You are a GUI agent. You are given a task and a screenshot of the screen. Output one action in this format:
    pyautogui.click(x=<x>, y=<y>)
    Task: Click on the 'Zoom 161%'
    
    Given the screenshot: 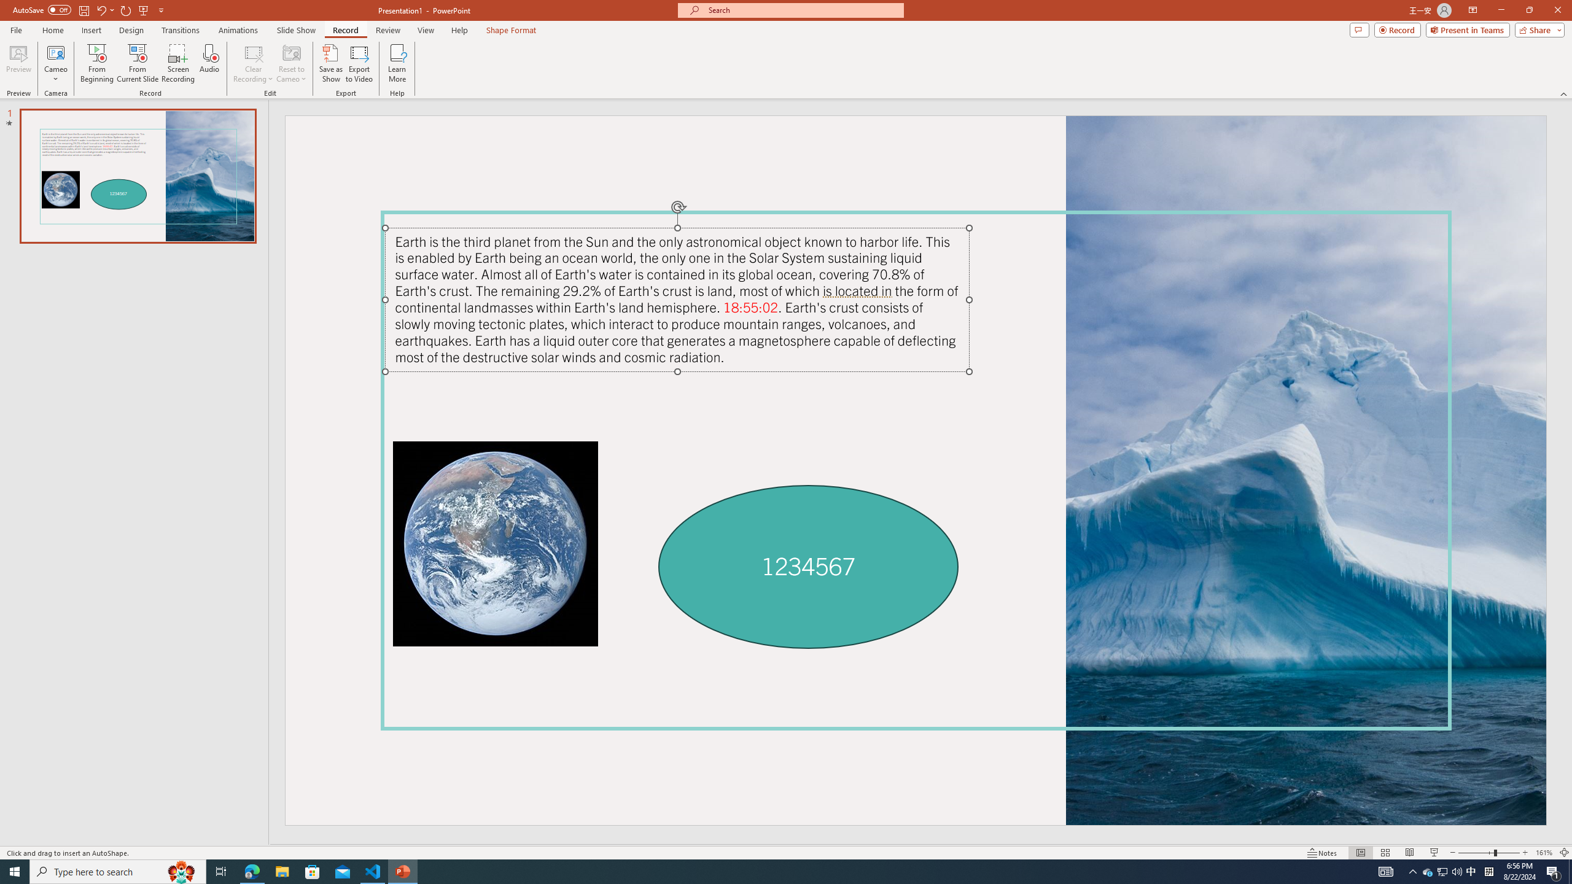 What is the action you would take?
    pyautogui.click(x=1544, y=853)
    